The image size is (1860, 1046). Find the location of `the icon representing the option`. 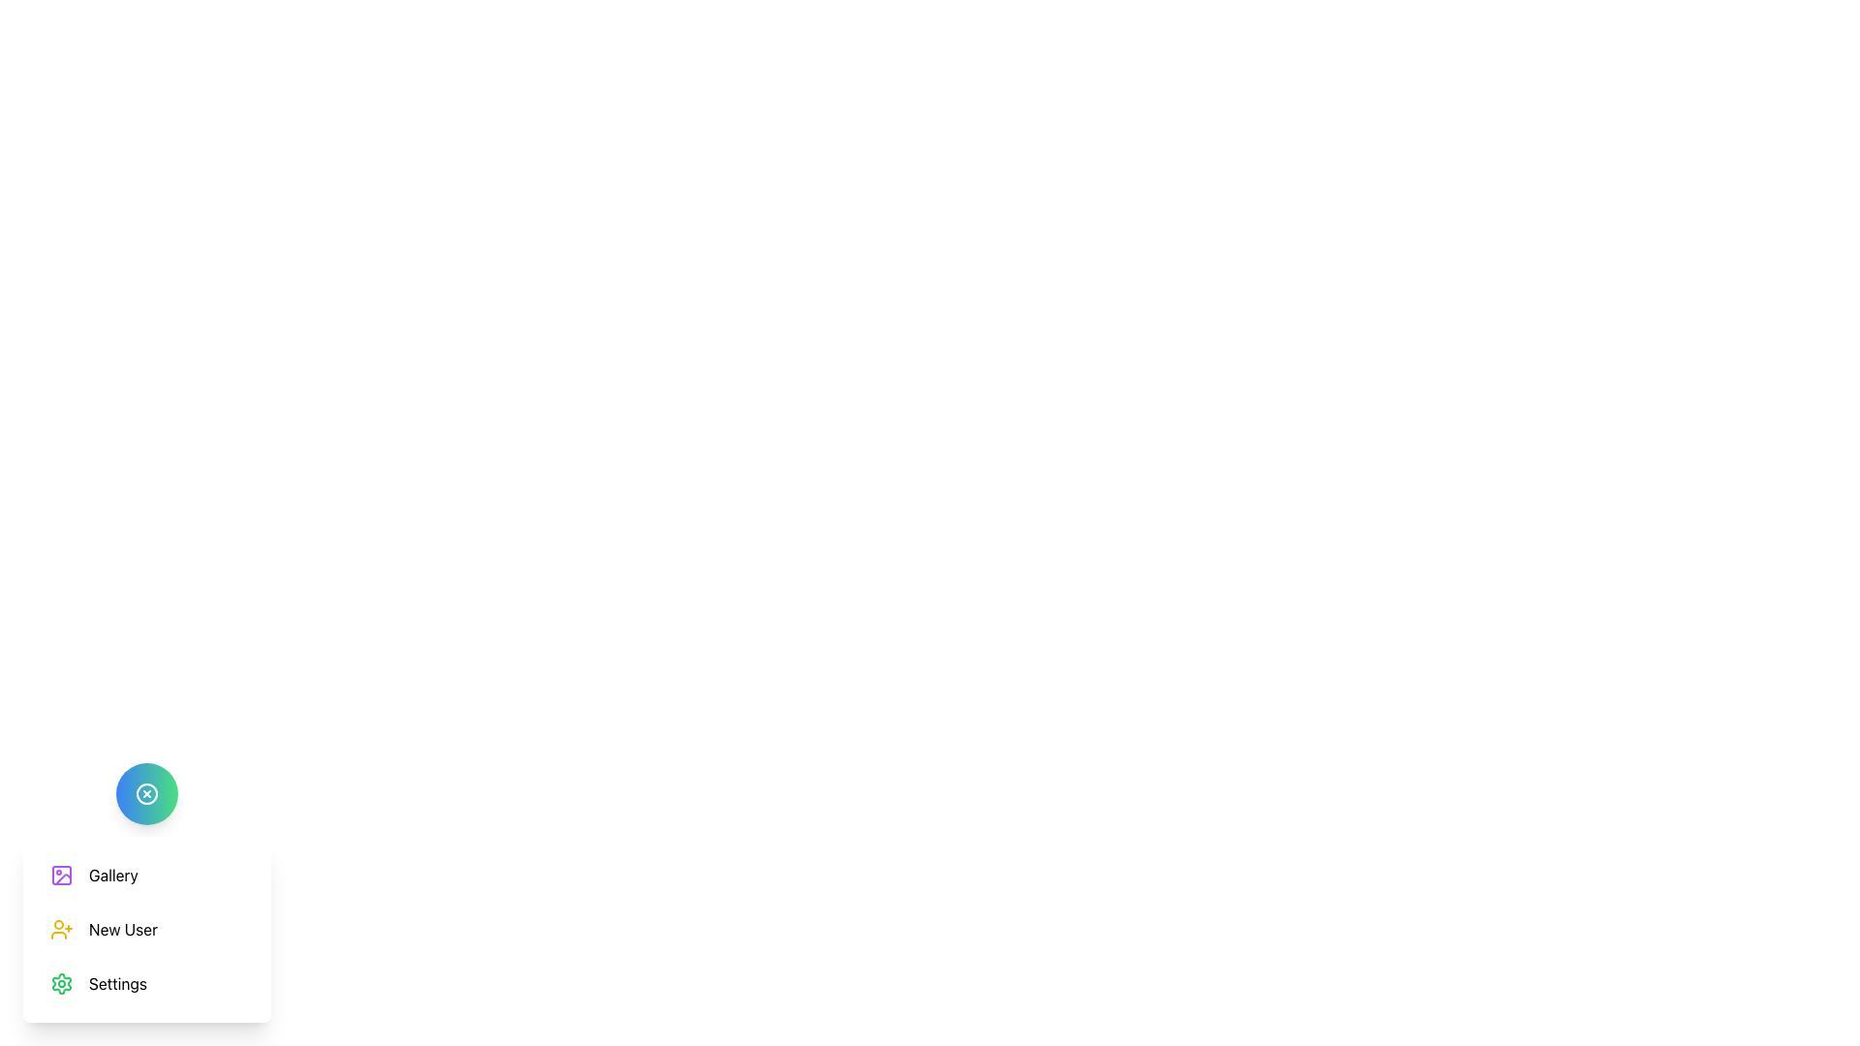

the icon representing the option is located at coordinates (61, 929).